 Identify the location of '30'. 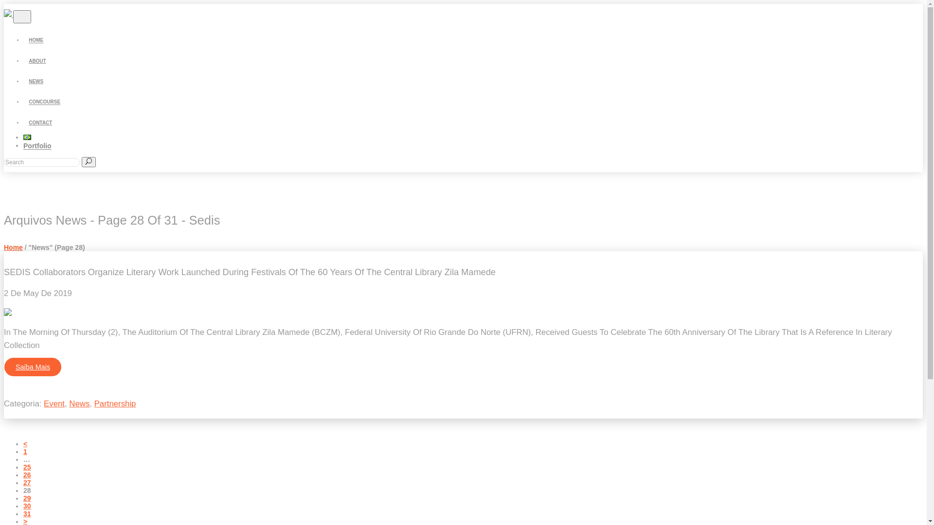
(23, 506).